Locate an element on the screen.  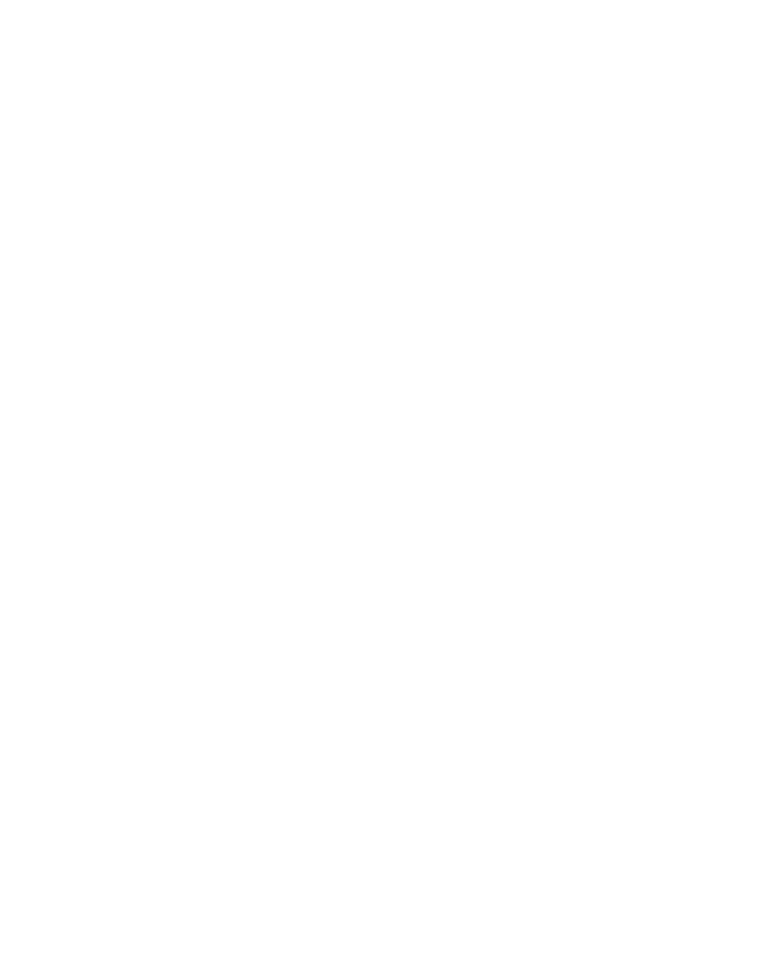
'Merging Technologies Debuts Venue Mission Software for Anubis' is located at coordinates (340, 559).